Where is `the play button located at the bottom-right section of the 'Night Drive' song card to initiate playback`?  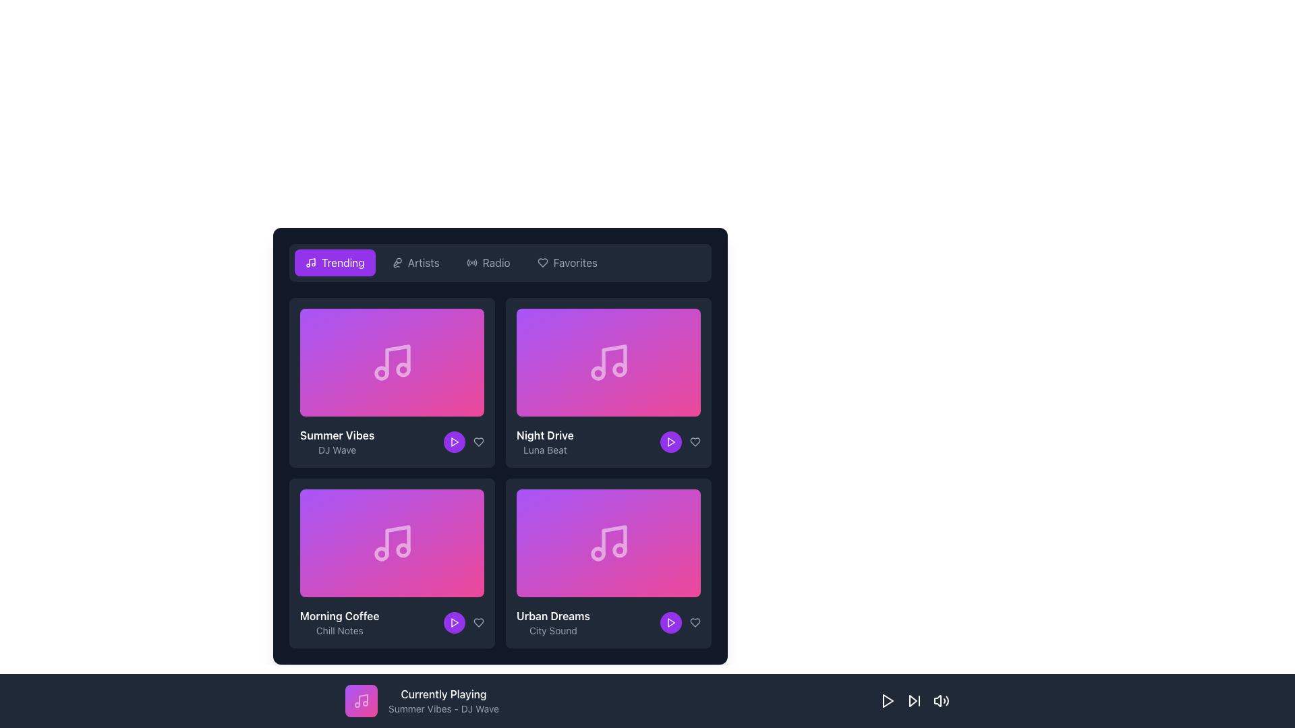
the play button located at the bottom-right section of the 'Night Drive' song card to initiate playback is located at coordinates (670, 442).